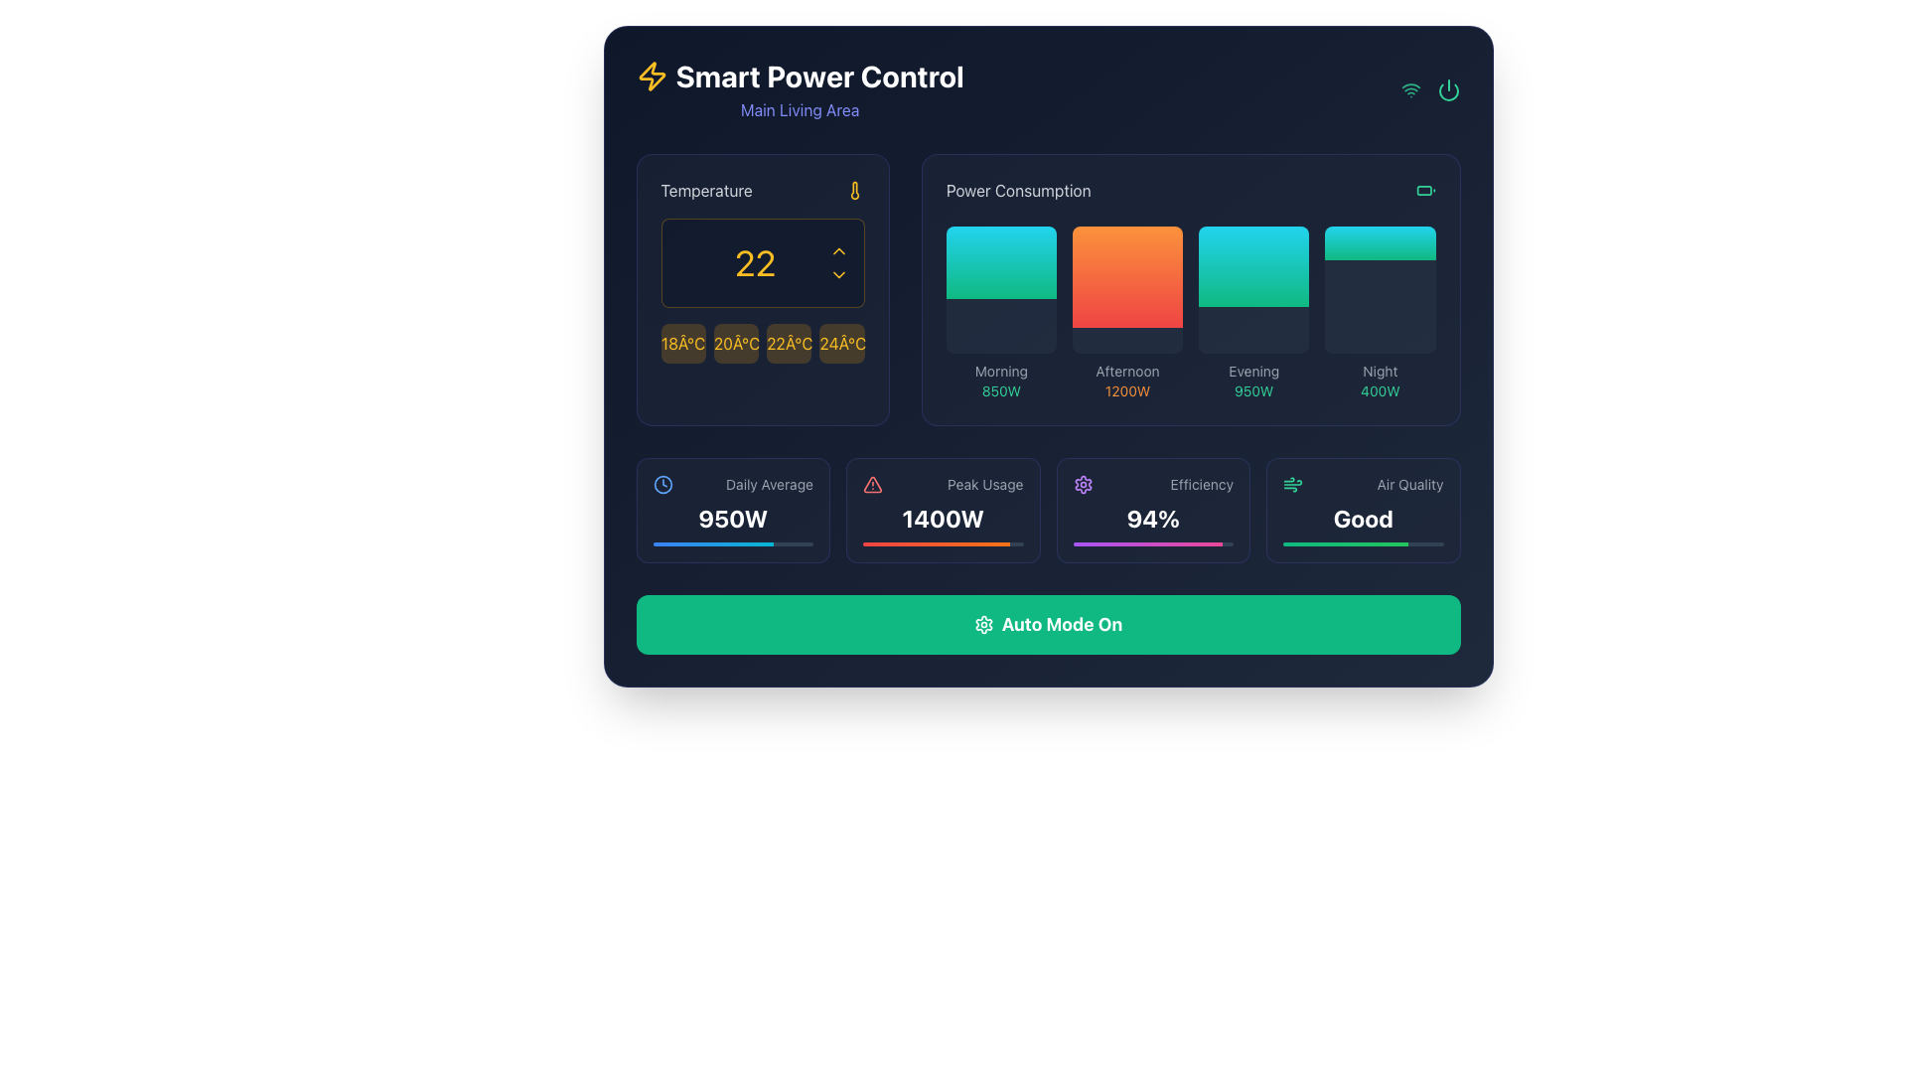 This screenshot has width=1907, height=1073. What do you see at coordinates (1252, 265) in the screenshot?
I see `the Progress Bar representing power consumption during the 'Evening' time slot` at bounding box center [1252, 265].